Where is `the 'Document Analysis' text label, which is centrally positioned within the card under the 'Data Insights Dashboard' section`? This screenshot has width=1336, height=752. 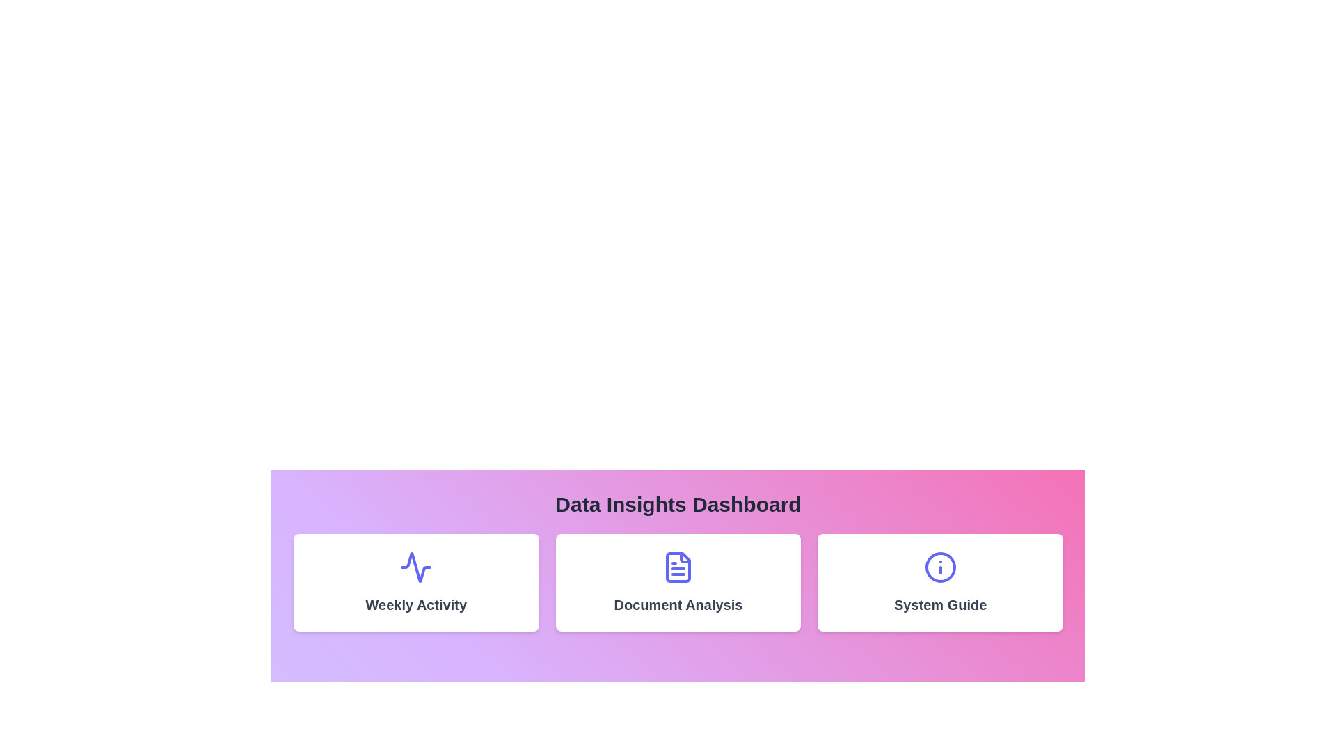
the 'Document Analysis' text label, which is centrally positioned within the card under the 'Data Insights Dashboard' section is located at coordinates (678, 604).